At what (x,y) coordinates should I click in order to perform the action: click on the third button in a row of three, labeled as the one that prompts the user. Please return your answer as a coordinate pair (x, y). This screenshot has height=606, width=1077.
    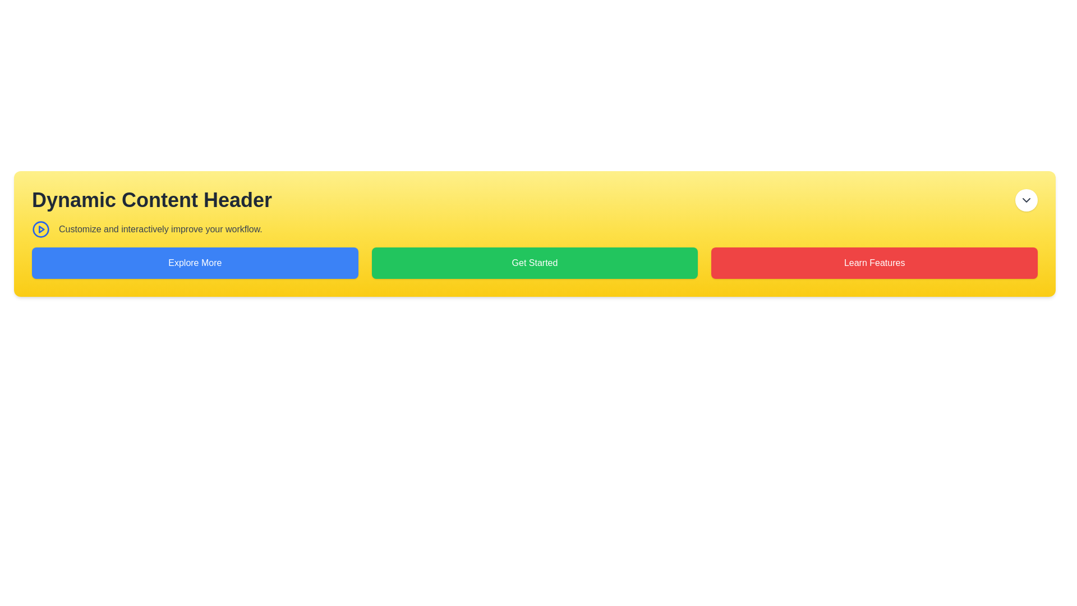
    Looking at the image, I should click on (874, 263).